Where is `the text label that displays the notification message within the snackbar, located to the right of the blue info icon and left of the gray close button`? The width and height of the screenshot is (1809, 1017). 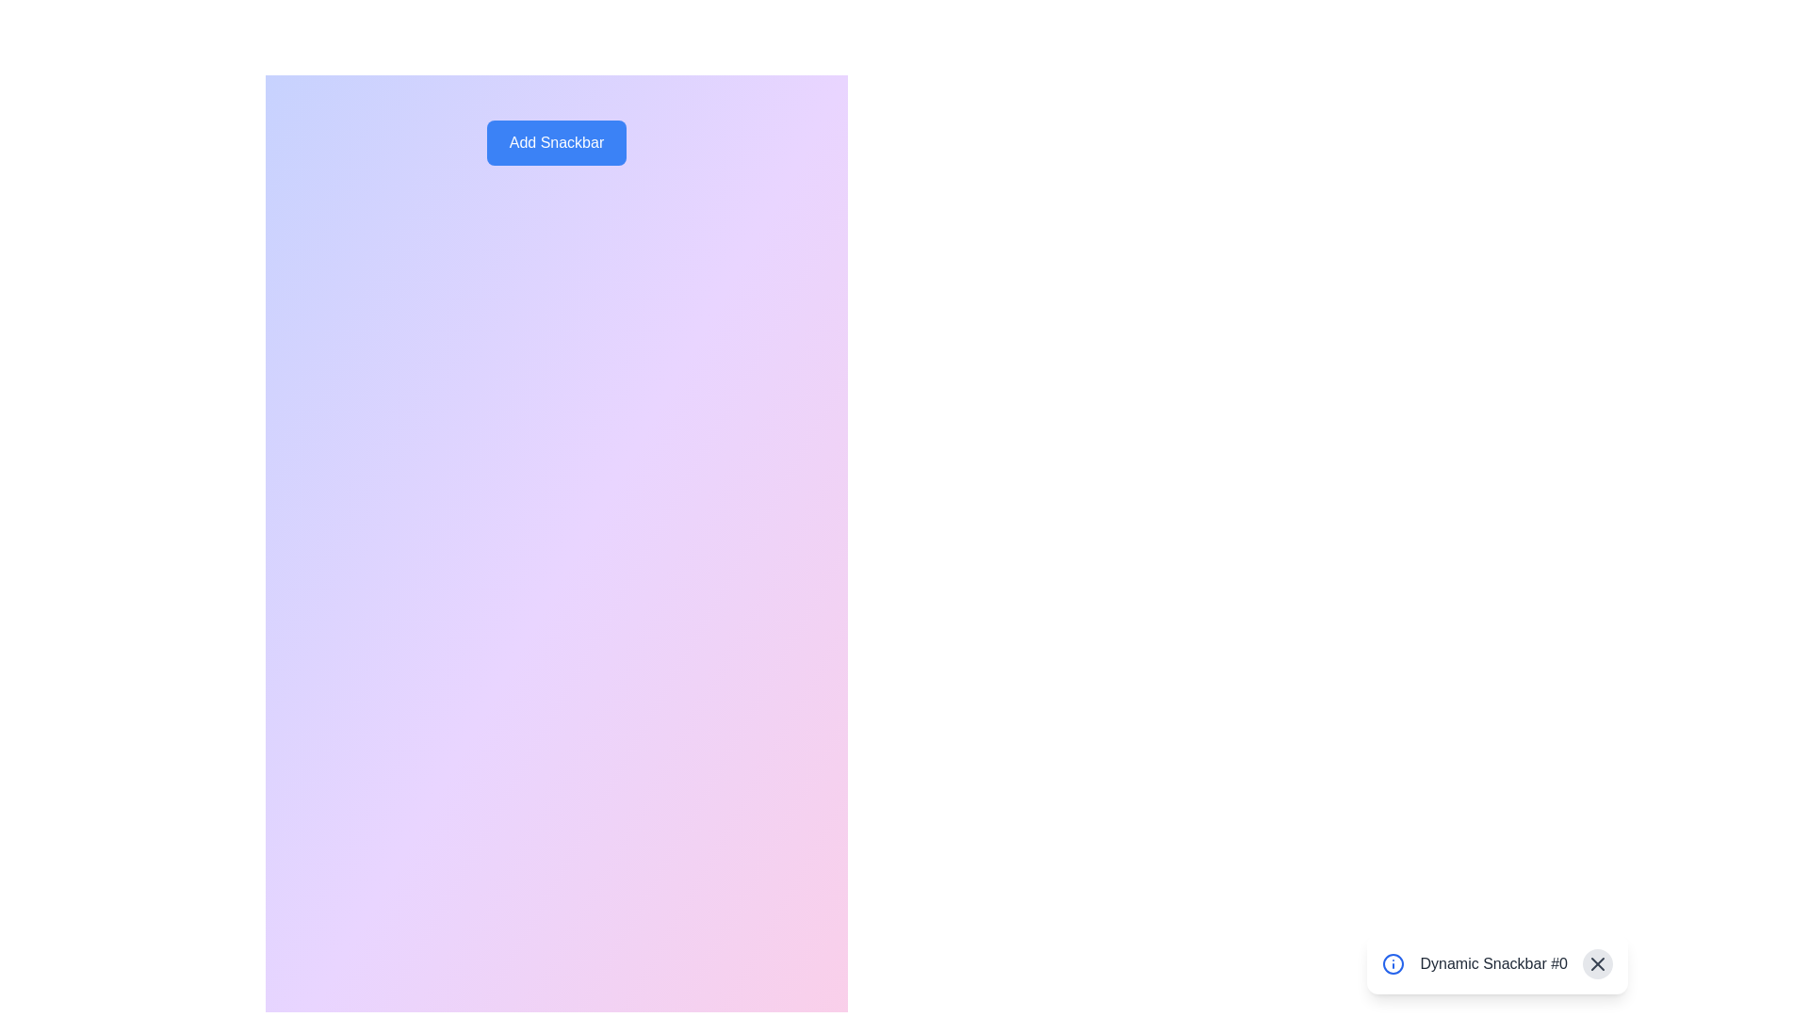 the text label that displays the notification message within the snackbar, located to the right of the blue info icon and left of the gray close button is located at coordinates (1492, 963).